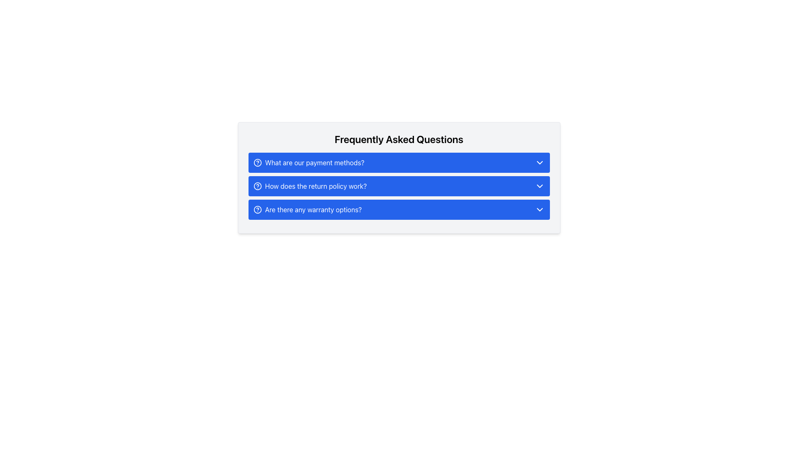 This screenshot has width=806, height=453. What do you see at coordinates (315, 185) in the screenshot?
I see `the FAQ entry titled 'What is our return policy?'` at bounding box center [315, 185].